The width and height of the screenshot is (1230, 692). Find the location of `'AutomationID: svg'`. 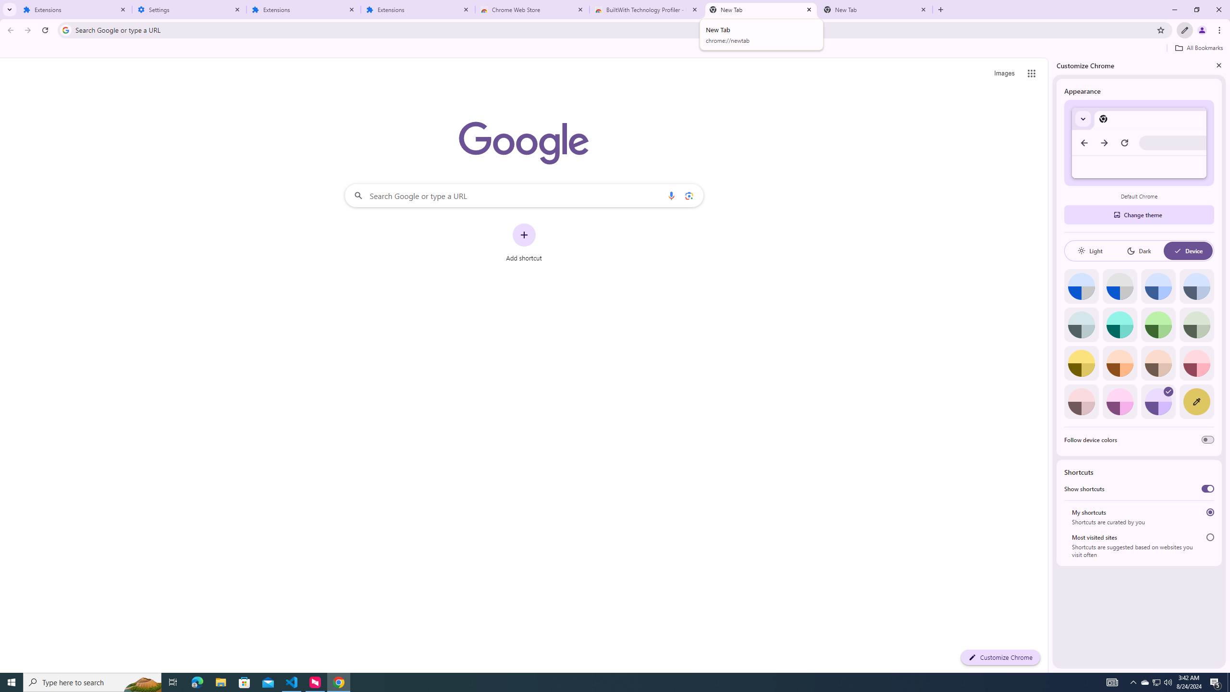

'AutomationID: svg' is located at coordinates (1168, 392).